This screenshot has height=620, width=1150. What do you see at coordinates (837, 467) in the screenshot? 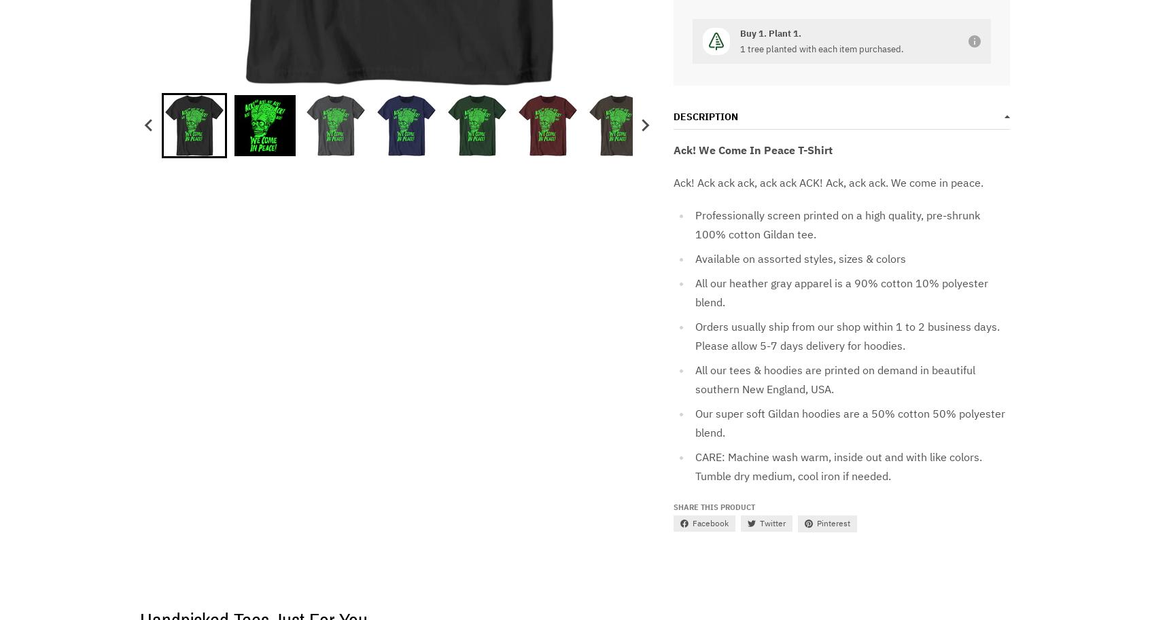
I see `'CARE: Machine wash warm, inside out and with like colors. Tumble dry medium, cool iron if needed.'` at bounding box center [837, 467].